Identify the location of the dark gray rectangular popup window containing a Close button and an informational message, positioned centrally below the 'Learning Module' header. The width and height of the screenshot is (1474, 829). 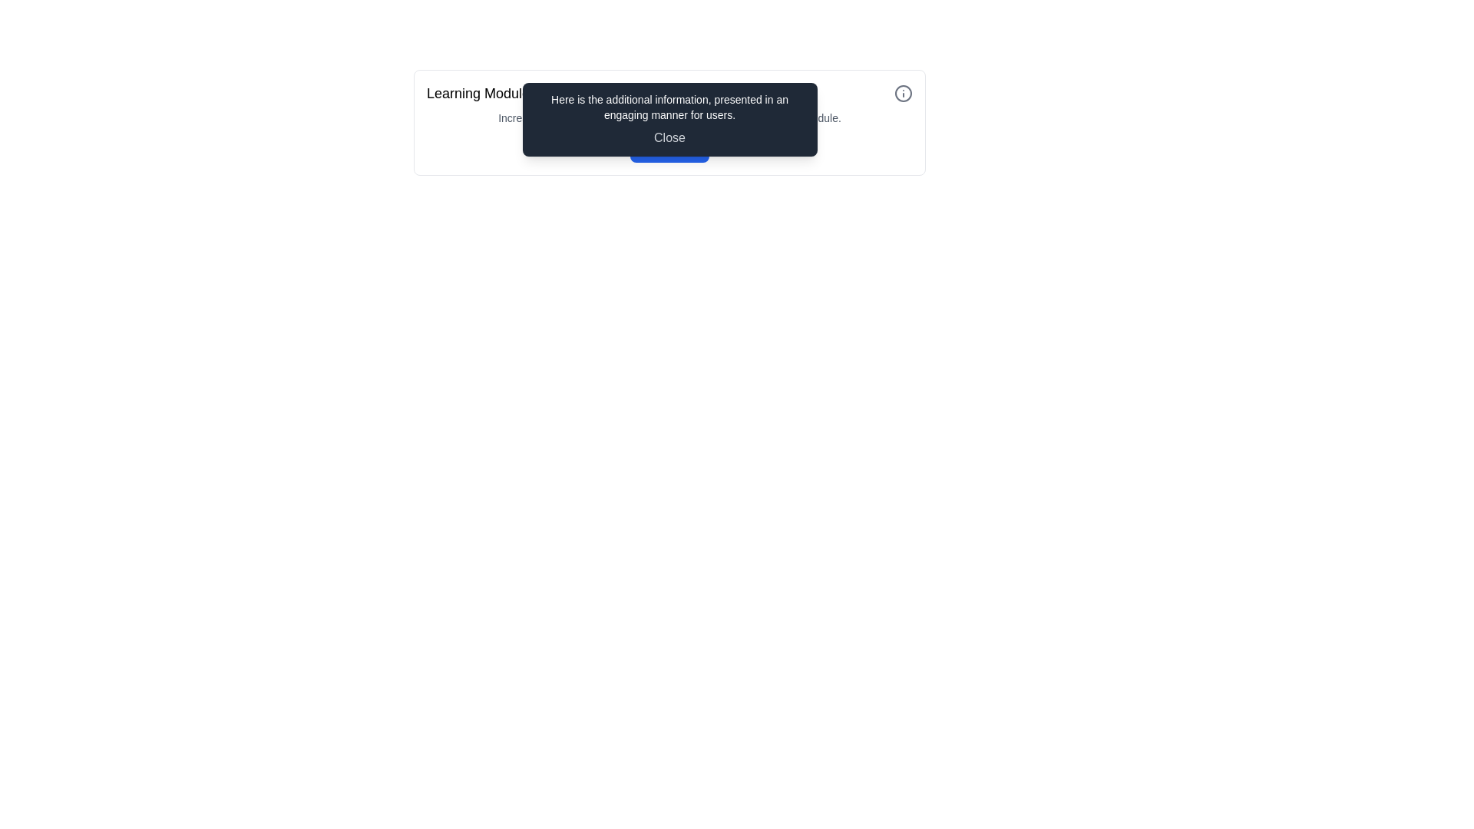
(669, 118).